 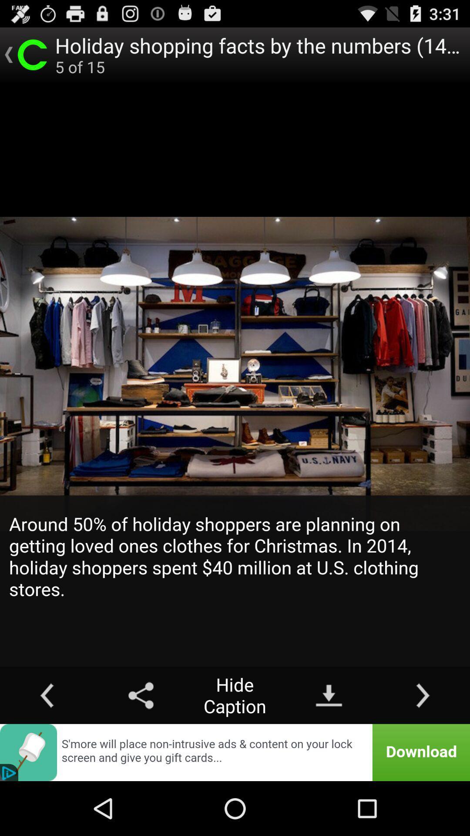 What do you see at coordinates (235, 695) in the screenshot?
I see `the hide caption icon` at bounding box center [235, 695].